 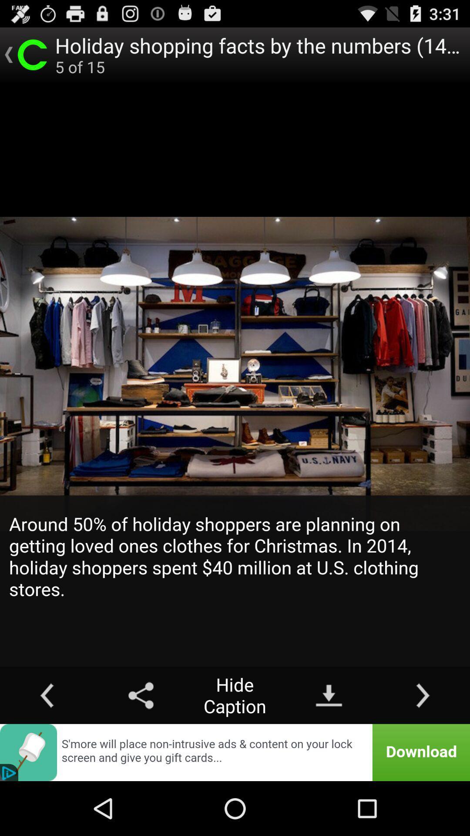 What do you see at coordinates (235, 695) in the screenshot?
I see `the hide caption icon` at bounding box center [235, 695].